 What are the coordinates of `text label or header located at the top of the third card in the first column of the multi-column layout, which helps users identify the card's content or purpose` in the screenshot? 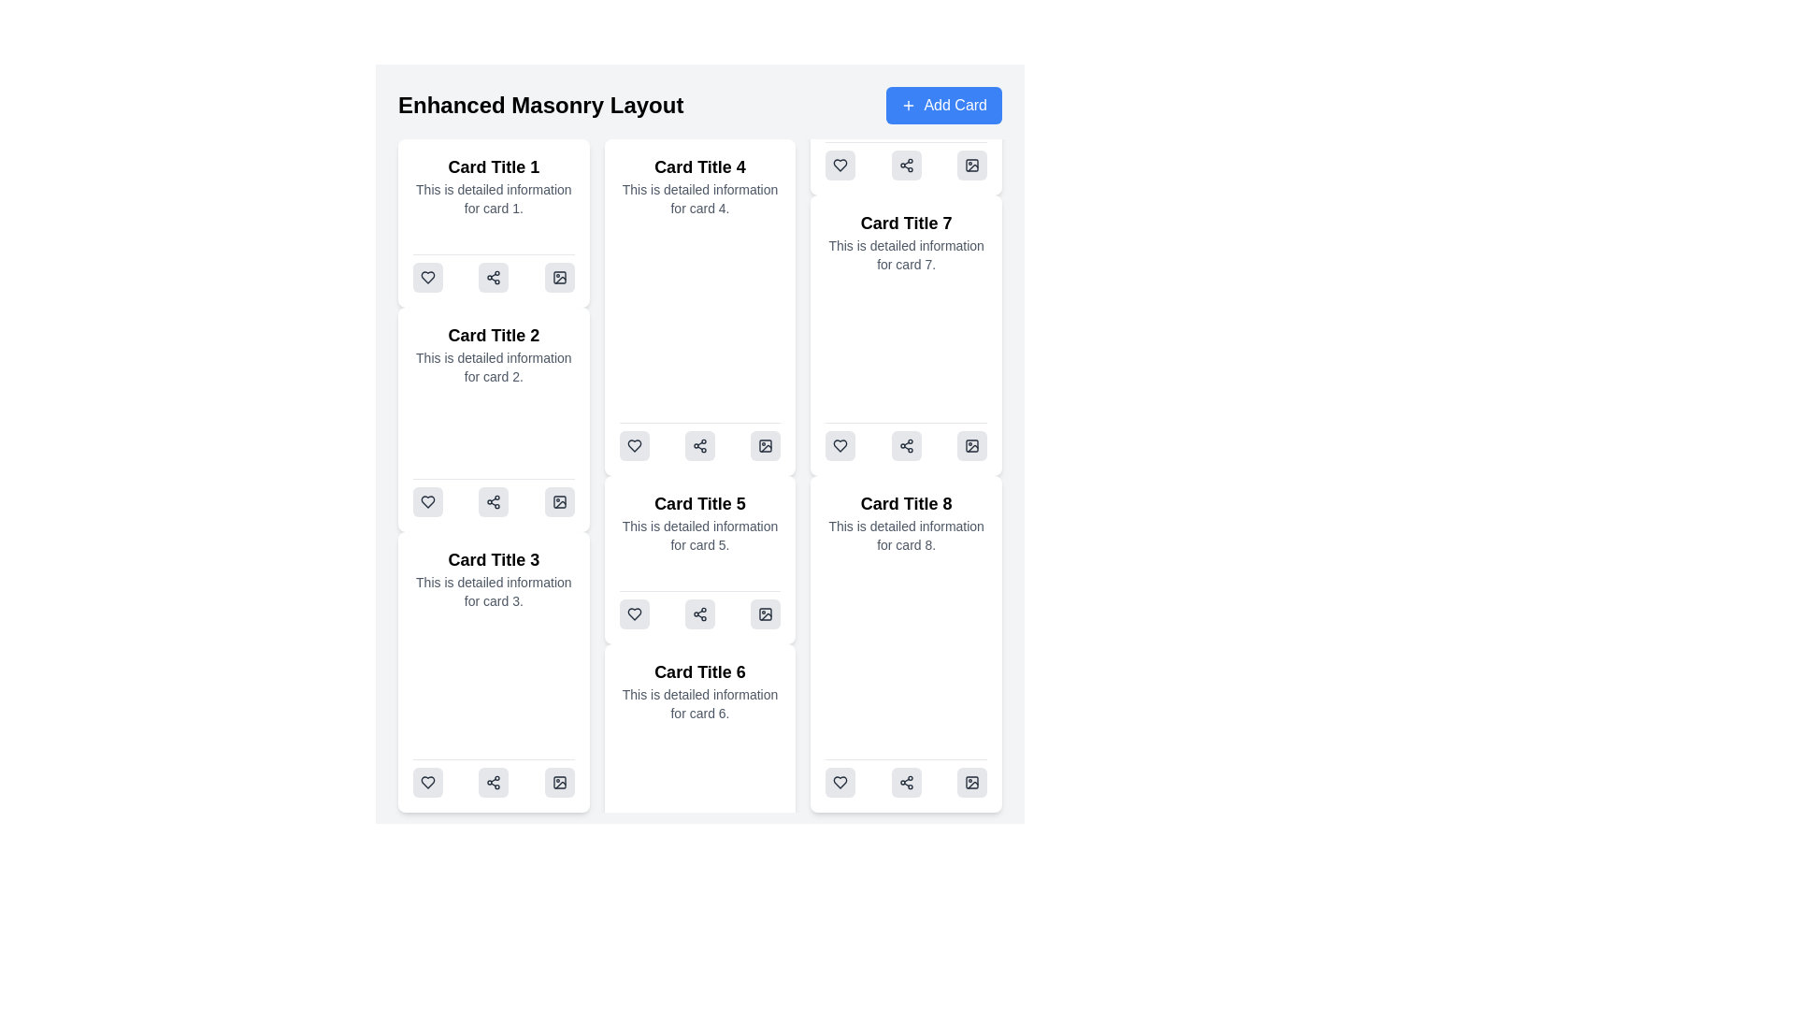 It's located at (494, 558).